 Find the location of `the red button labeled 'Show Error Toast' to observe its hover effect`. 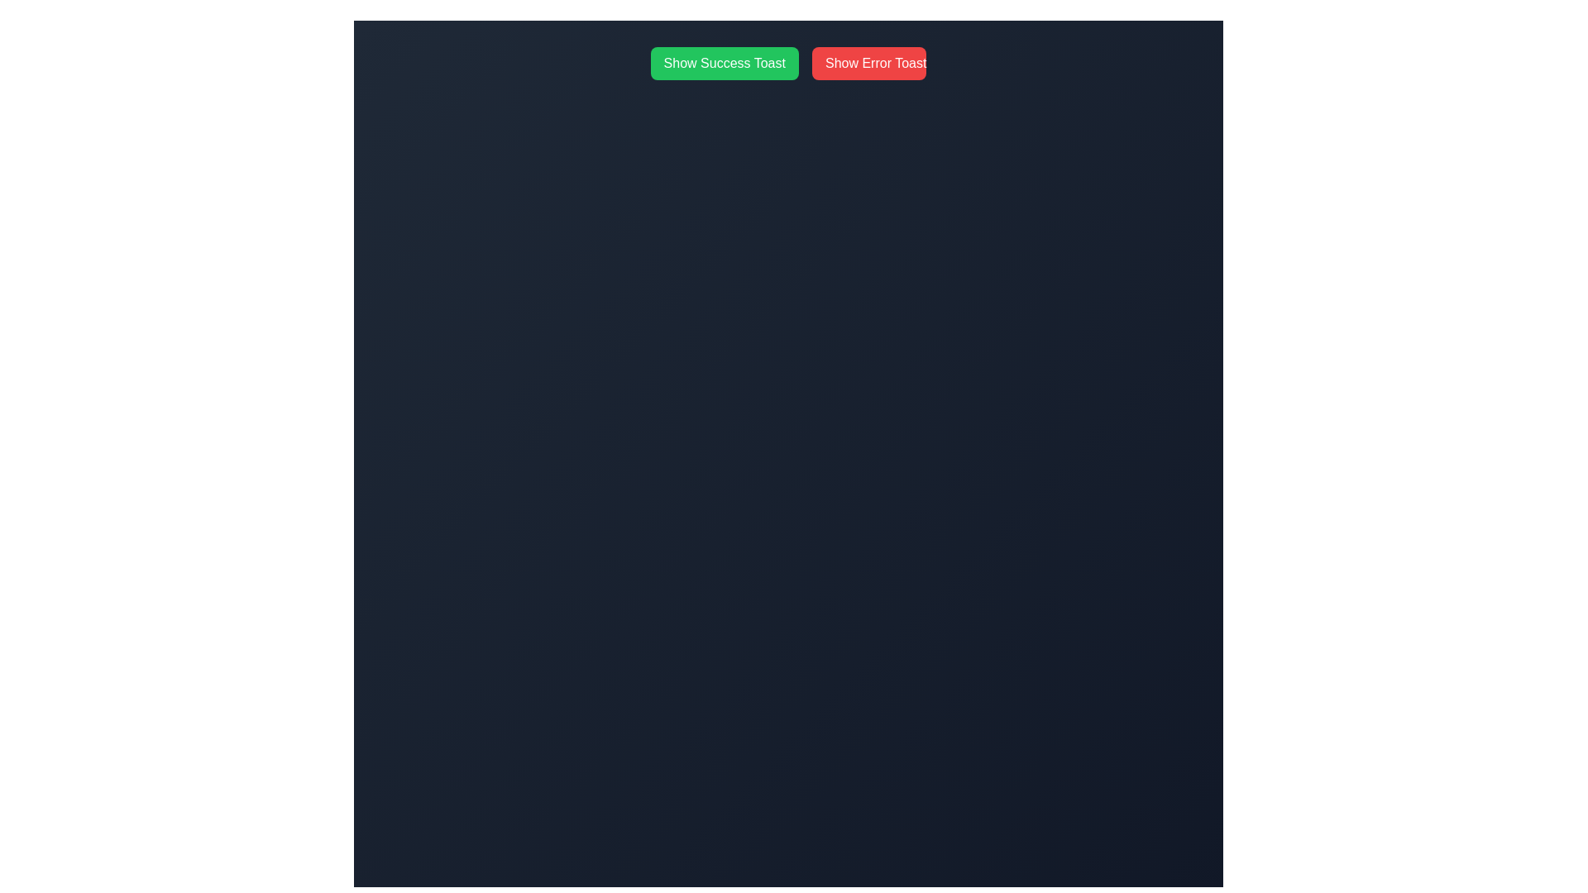

the red button labeled 'Show Error Toast' to observe its hover effect is located at coordinates (868, 63).